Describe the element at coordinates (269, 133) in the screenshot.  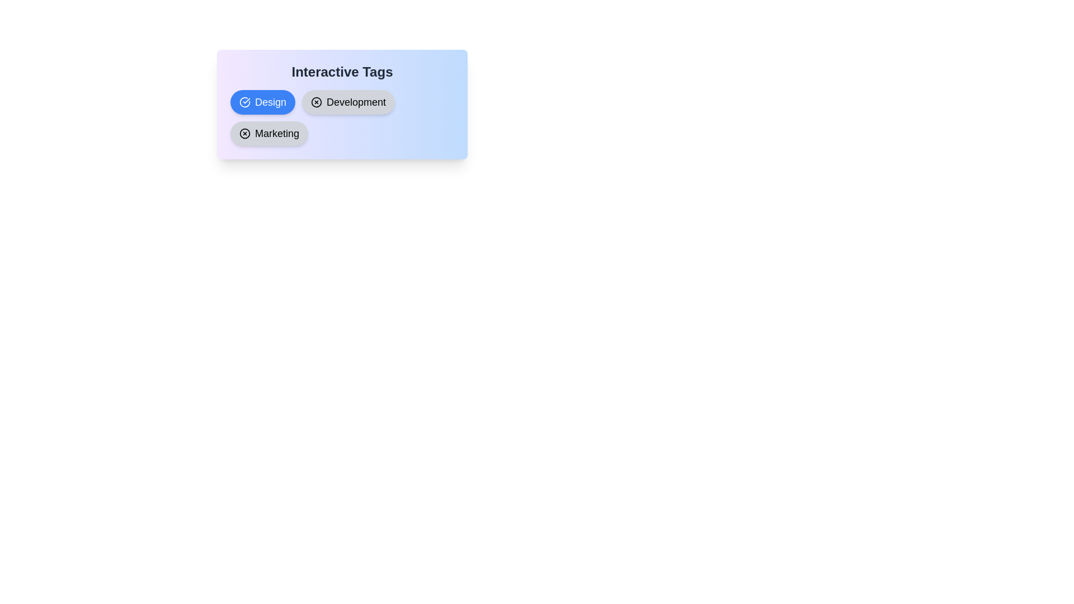
I see `the chip labeled 'Marketing' to observe its hover effect` at that location.